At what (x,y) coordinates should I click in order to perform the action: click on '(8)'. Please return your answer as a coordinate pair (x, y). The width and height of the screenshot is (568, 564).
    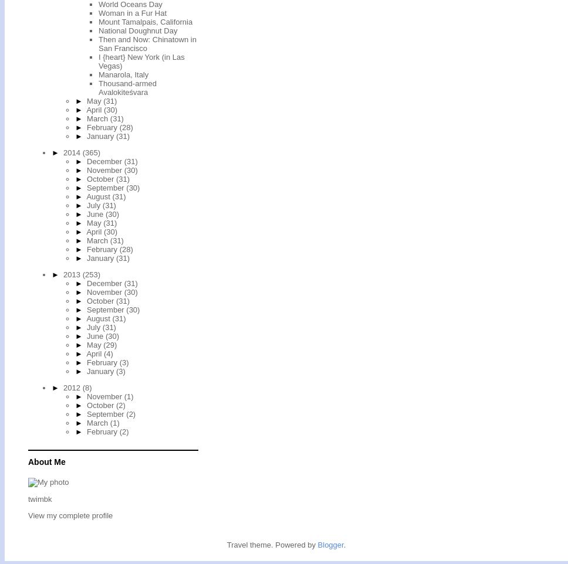
    Looking at the image, I should click on (86, 387).